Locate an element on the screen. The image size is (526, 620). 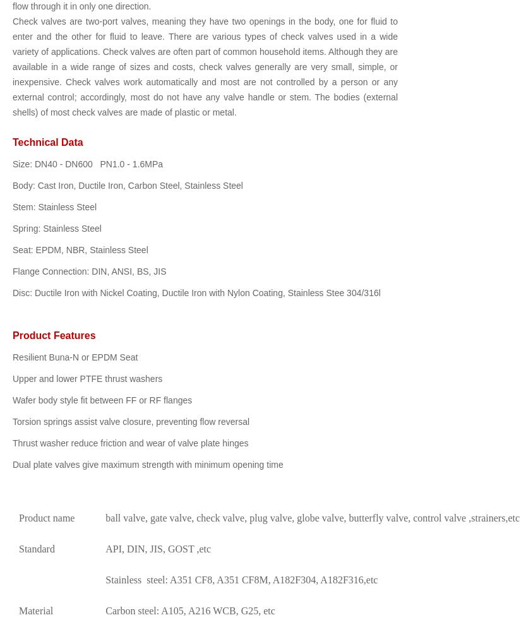
'Resilient Buna-N or EPDM Seat' is located at coordinates (75, 357).